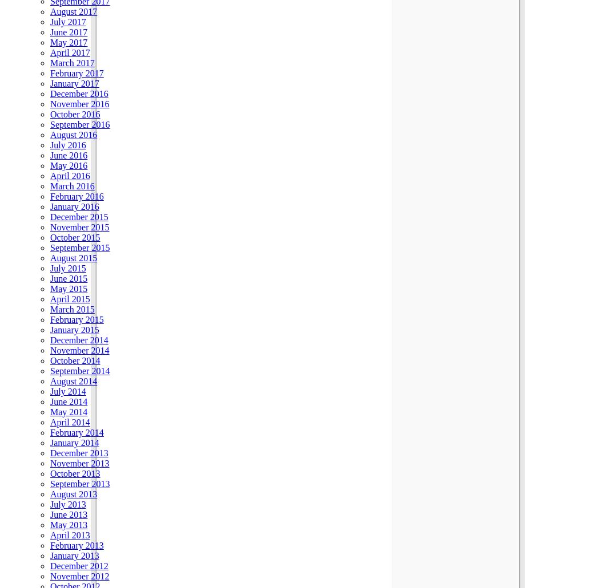 Image resolution: width=615 pixels, height=588 pixels. I want to click on 'June 2017', so click(68, 31).